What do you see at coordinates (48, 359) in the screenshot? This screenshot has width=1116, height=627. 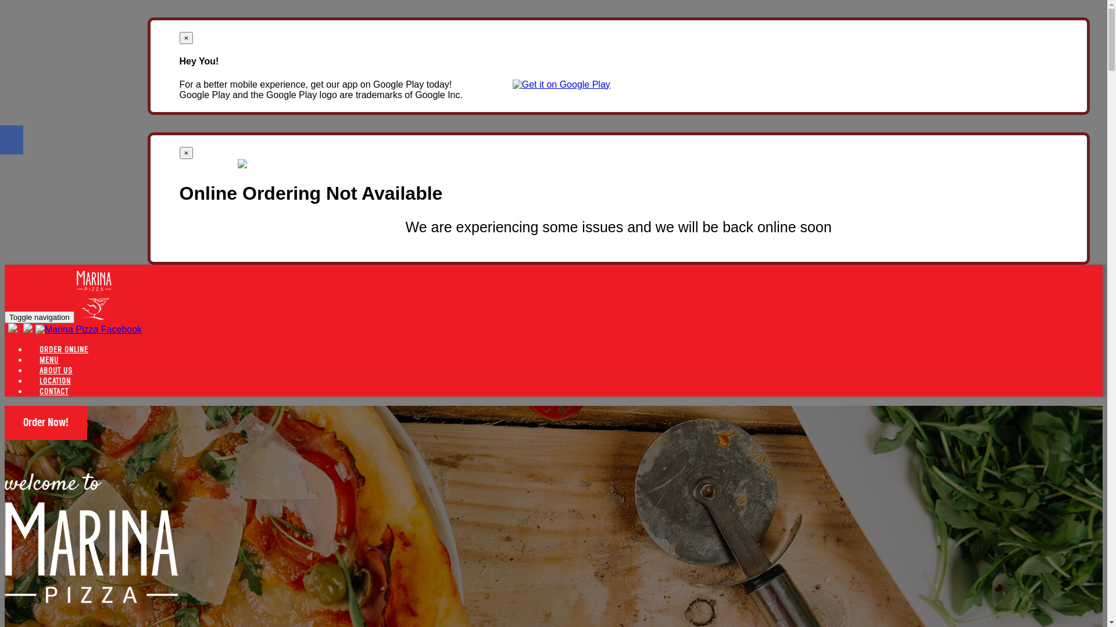 I see `'MENU'` at bounding box center [48, 359].